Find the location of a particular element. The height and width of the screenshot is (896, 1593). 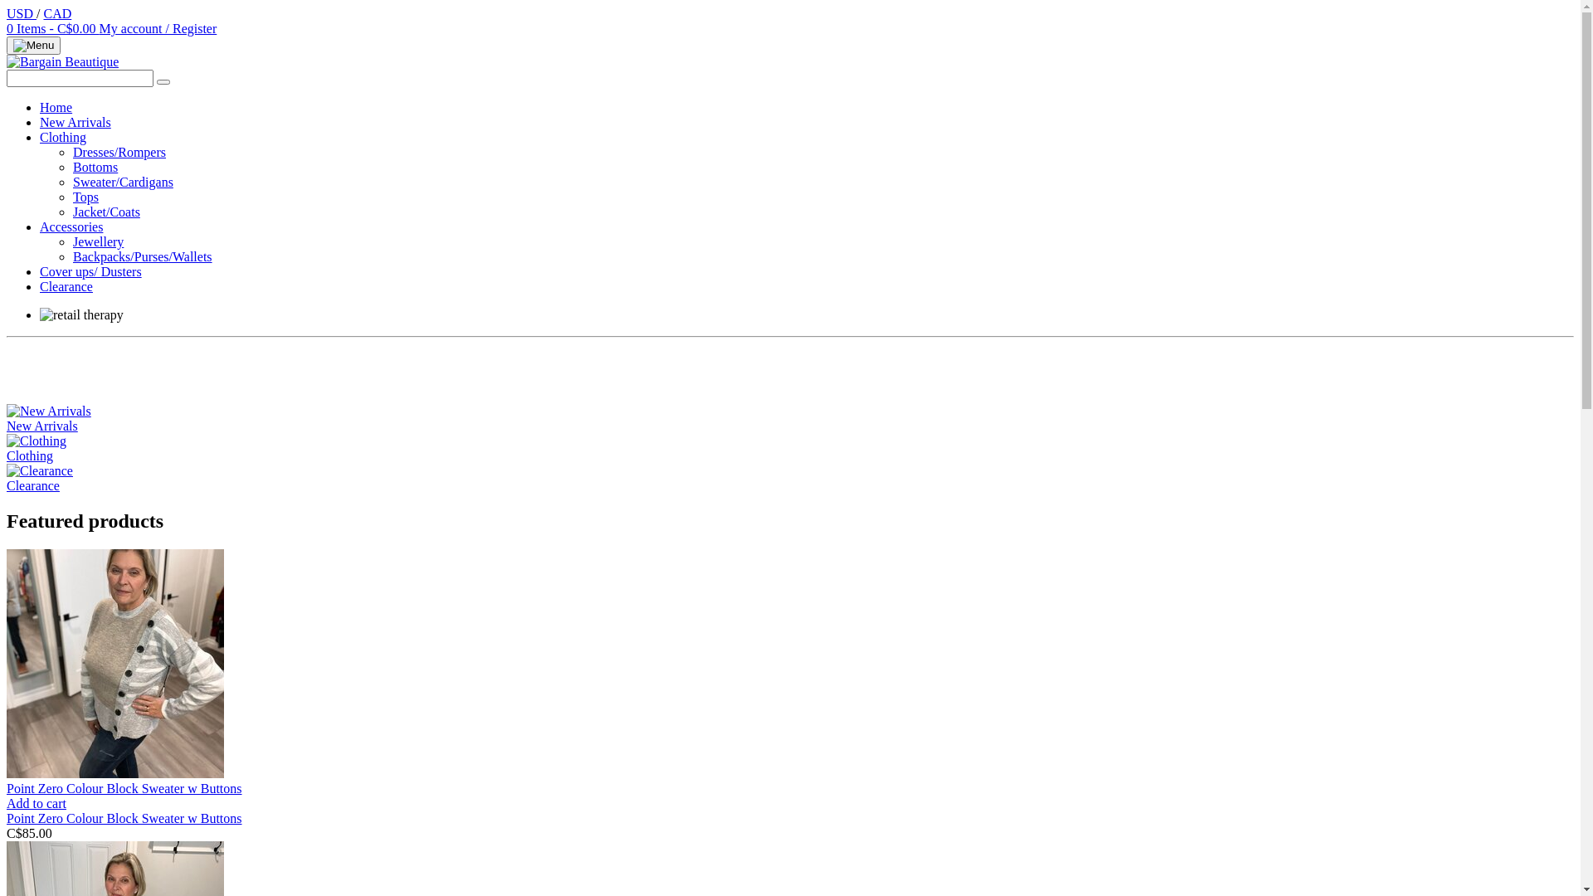

'Bargain Beautique ' is located at coordinates (62, 61).